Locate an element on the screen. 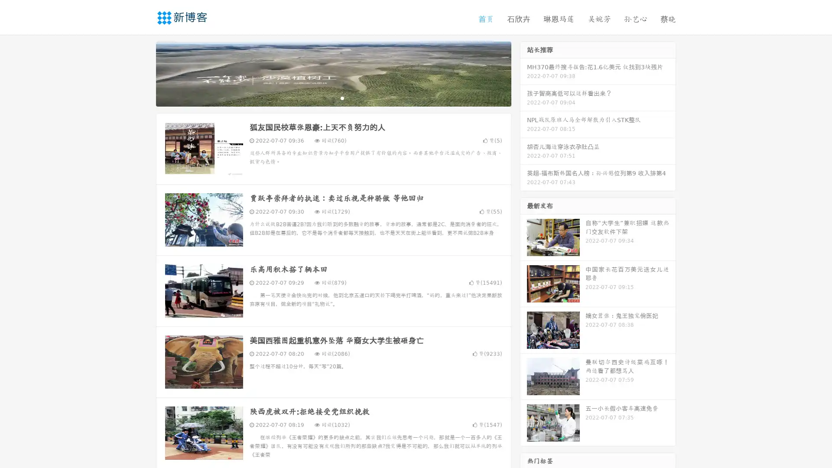 The height and width of the screenshot is (468, 832). Go to slide 3 is located at coordinates (342, 97).